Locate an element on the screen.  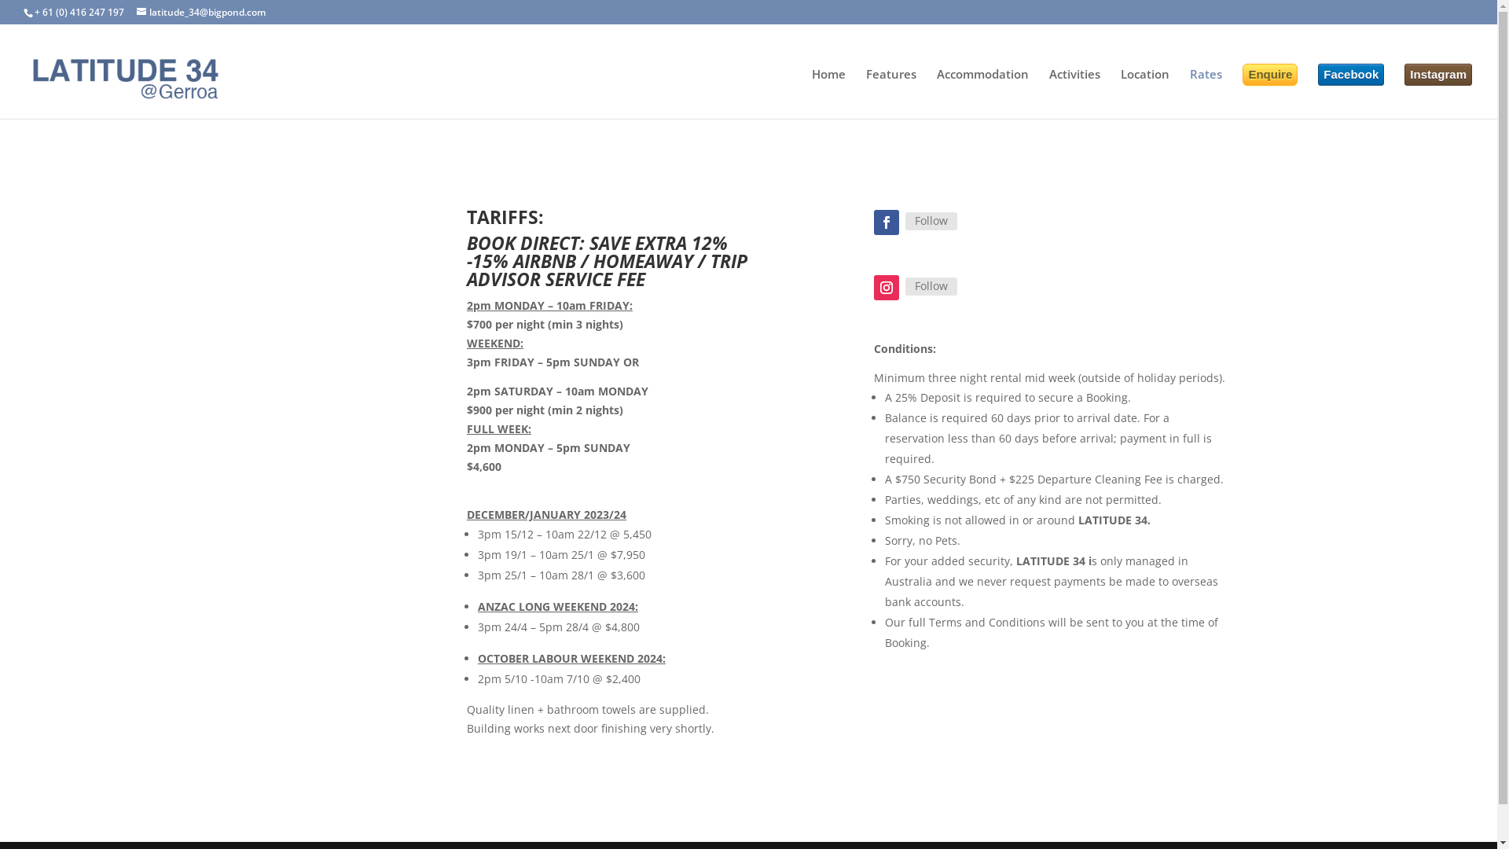
'Follow on Instagram' is located at coordinates (873, 288).